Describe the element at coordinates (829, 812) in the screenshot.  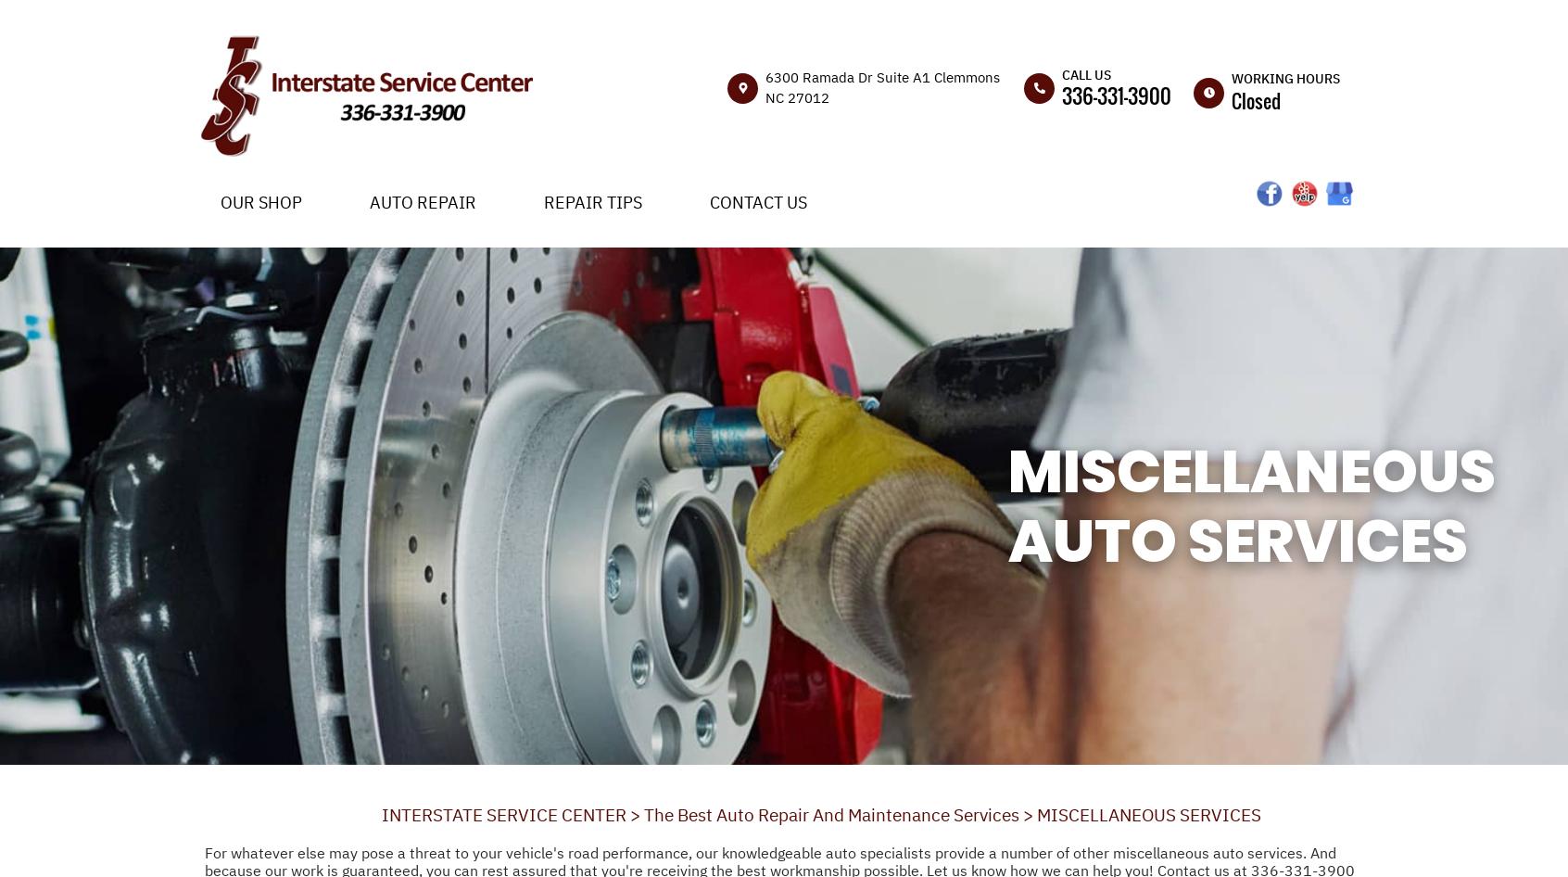
I see `'The Best Auto Repair And Maintenance Services'` at that location.